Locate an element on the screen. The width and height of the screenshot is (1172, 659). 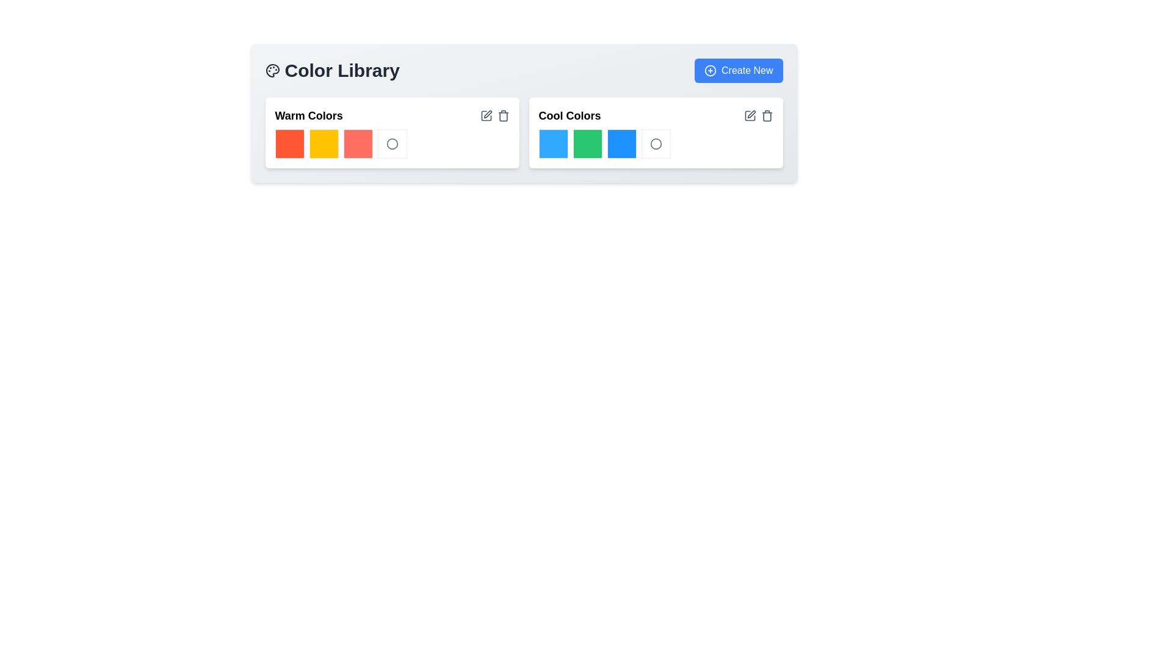
the square button with a dashed border and a centered gray circle icon located in the Cool Colors section is located at coordinates (655, 143).